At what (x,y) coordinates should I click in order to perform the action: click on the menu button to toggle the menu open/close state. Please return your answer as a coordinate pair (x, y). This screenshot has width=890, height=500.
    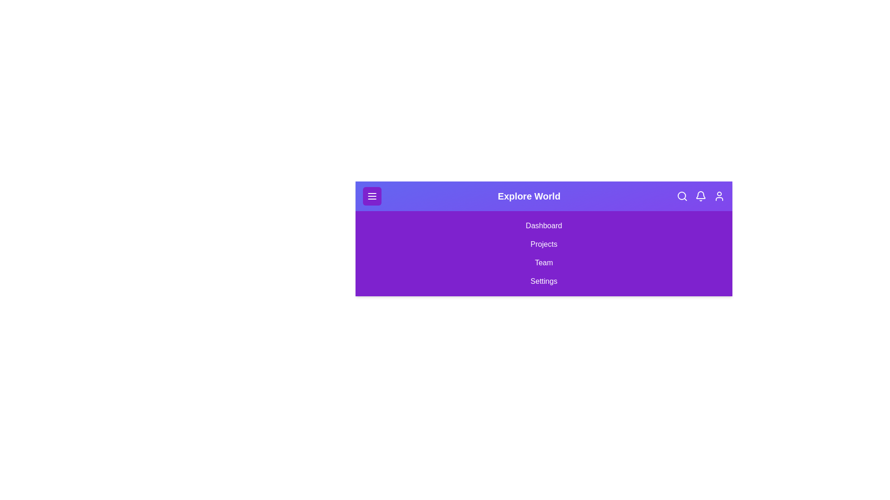
    Looking at the image, I should click on (372, 196).